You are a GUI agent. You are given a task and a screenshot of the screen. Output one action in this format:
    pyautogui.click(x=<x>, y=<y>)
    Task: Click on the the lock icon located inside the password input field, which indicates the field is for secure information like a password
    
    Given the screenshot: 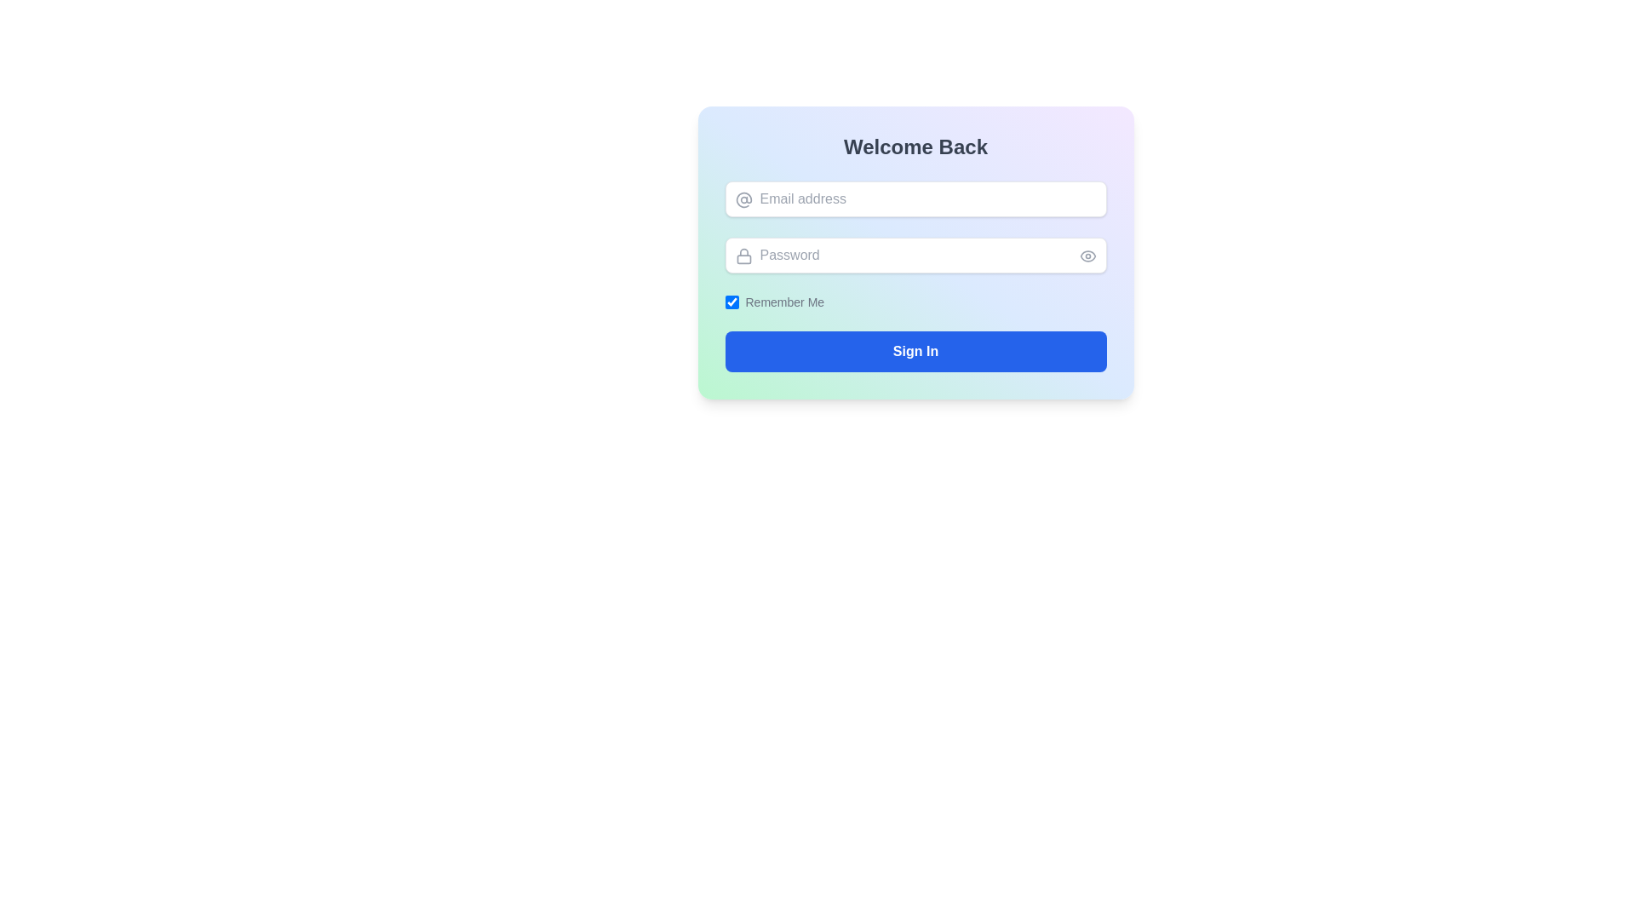 What is the action you would take?
    pyautogui.click(x=743, y=256)
    